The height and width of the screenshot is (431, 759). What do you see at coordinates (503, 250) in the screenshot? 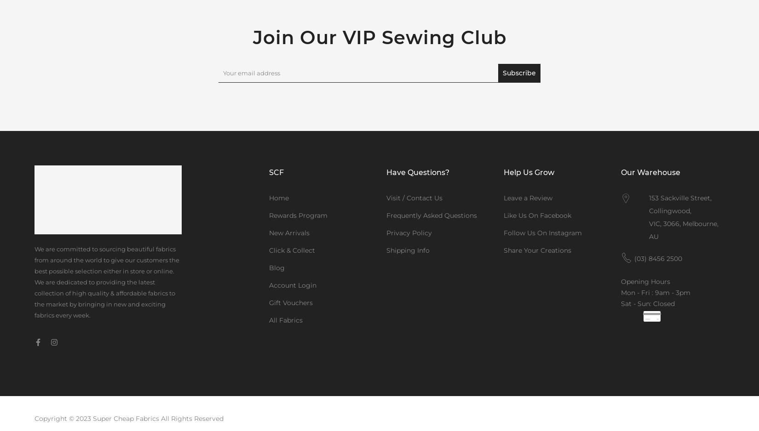
I see `'Share Your Creations'` at bounding box center [503, 250].